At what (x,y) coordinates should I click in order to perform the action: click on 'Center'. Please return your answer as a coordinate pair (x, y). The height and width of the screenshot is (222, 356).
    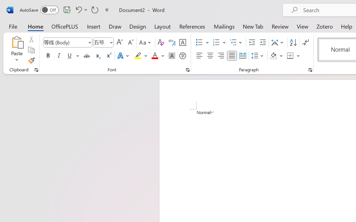
    Looking at the image, I should click on (210, 56).